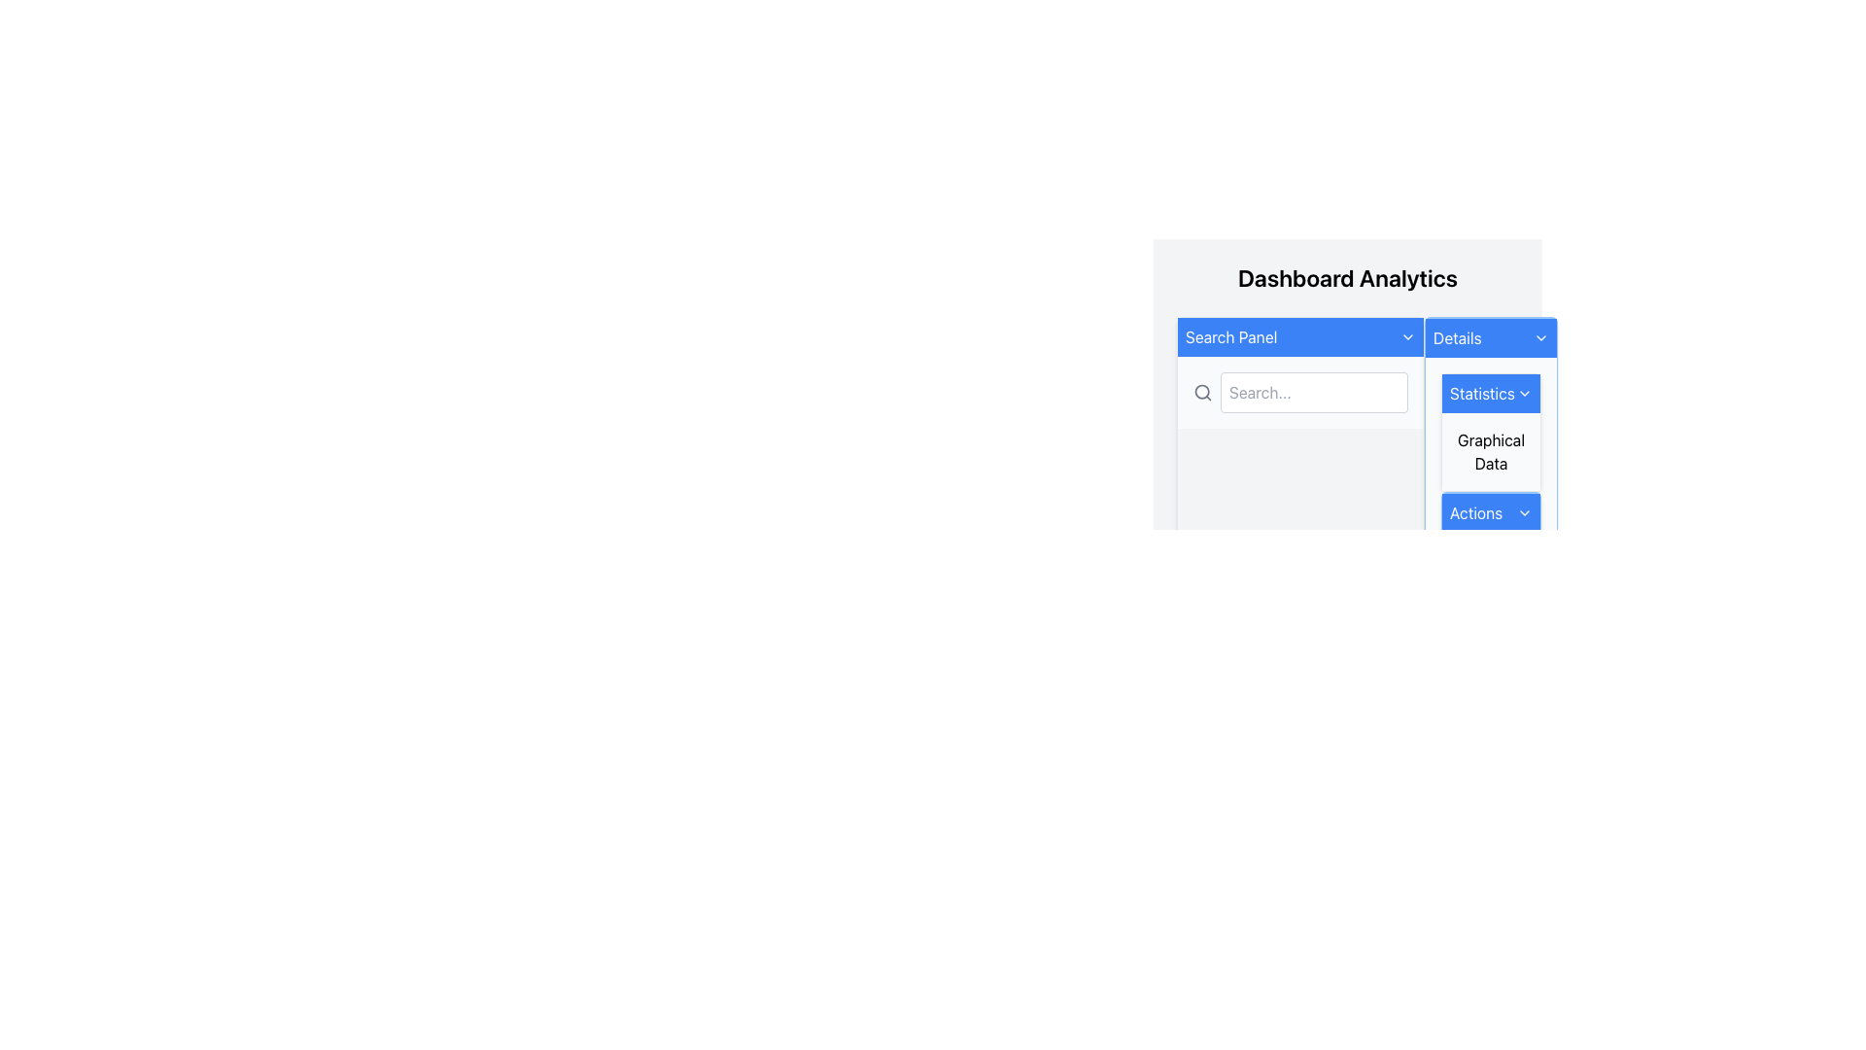  Describe the element at coordinates (1490, 452) in the screenshot. I see `the label or static text located in the 'Details' column of the dashboard, directly below the 'Statistics' heading` at that location.